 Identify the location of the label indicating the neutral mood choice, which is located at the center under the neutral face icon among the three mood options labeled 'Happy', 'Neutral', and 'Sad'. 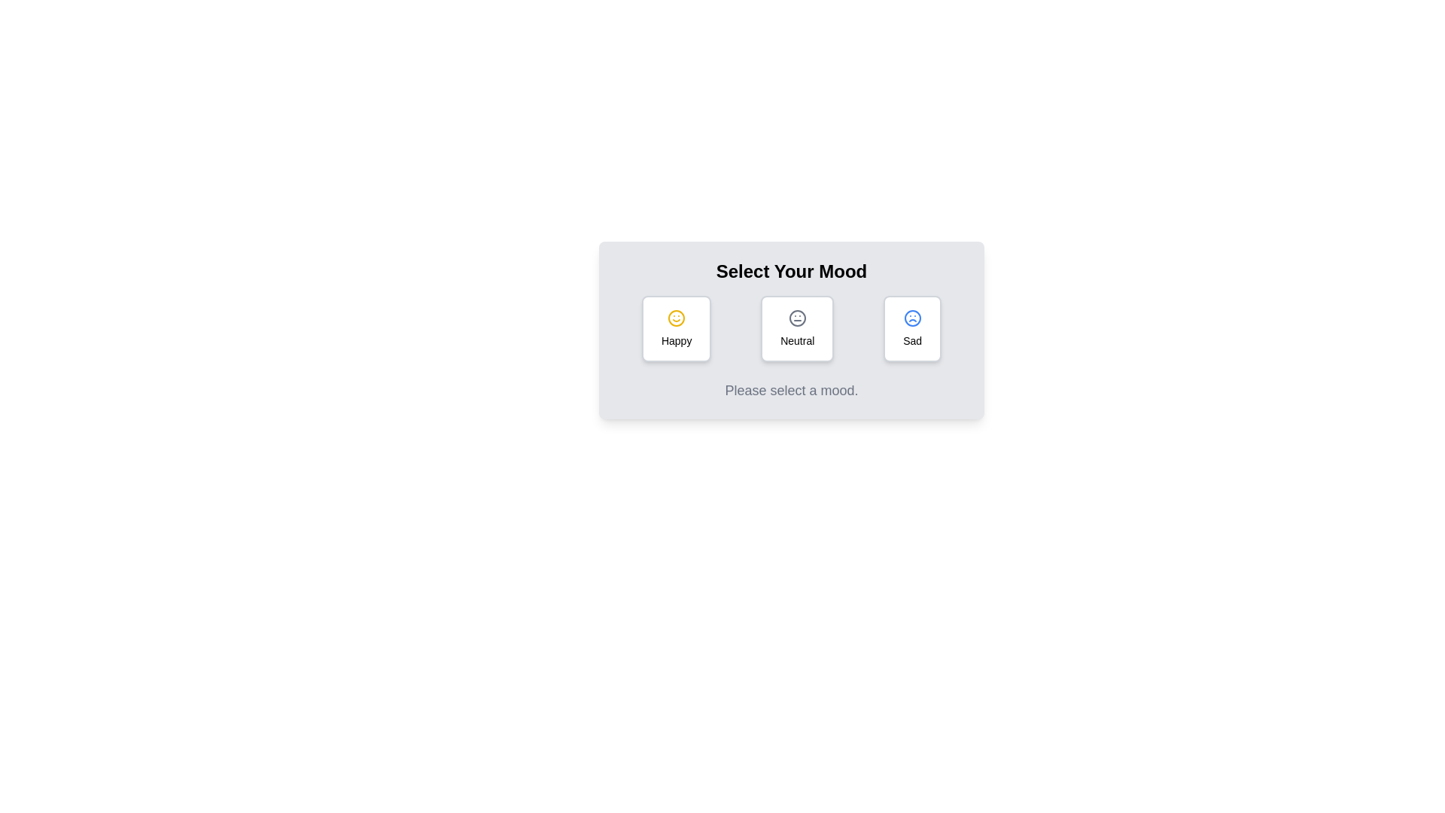
(796, 340).